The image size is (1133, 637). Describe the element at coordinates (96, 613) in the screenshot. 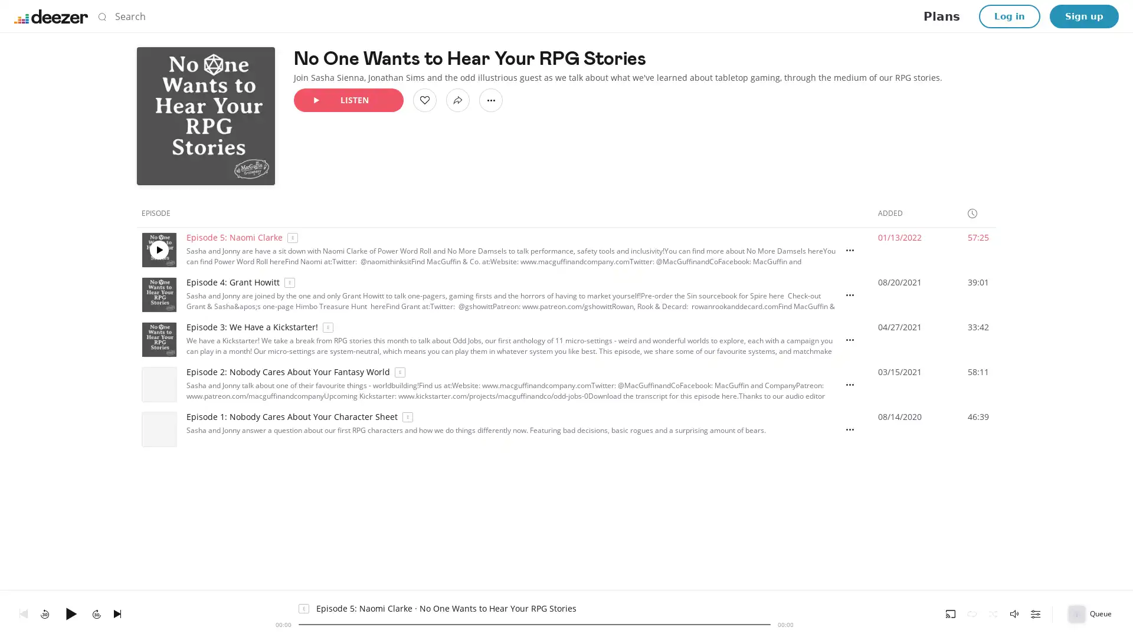

I see `Skip ahead 30 seconds` at that location.